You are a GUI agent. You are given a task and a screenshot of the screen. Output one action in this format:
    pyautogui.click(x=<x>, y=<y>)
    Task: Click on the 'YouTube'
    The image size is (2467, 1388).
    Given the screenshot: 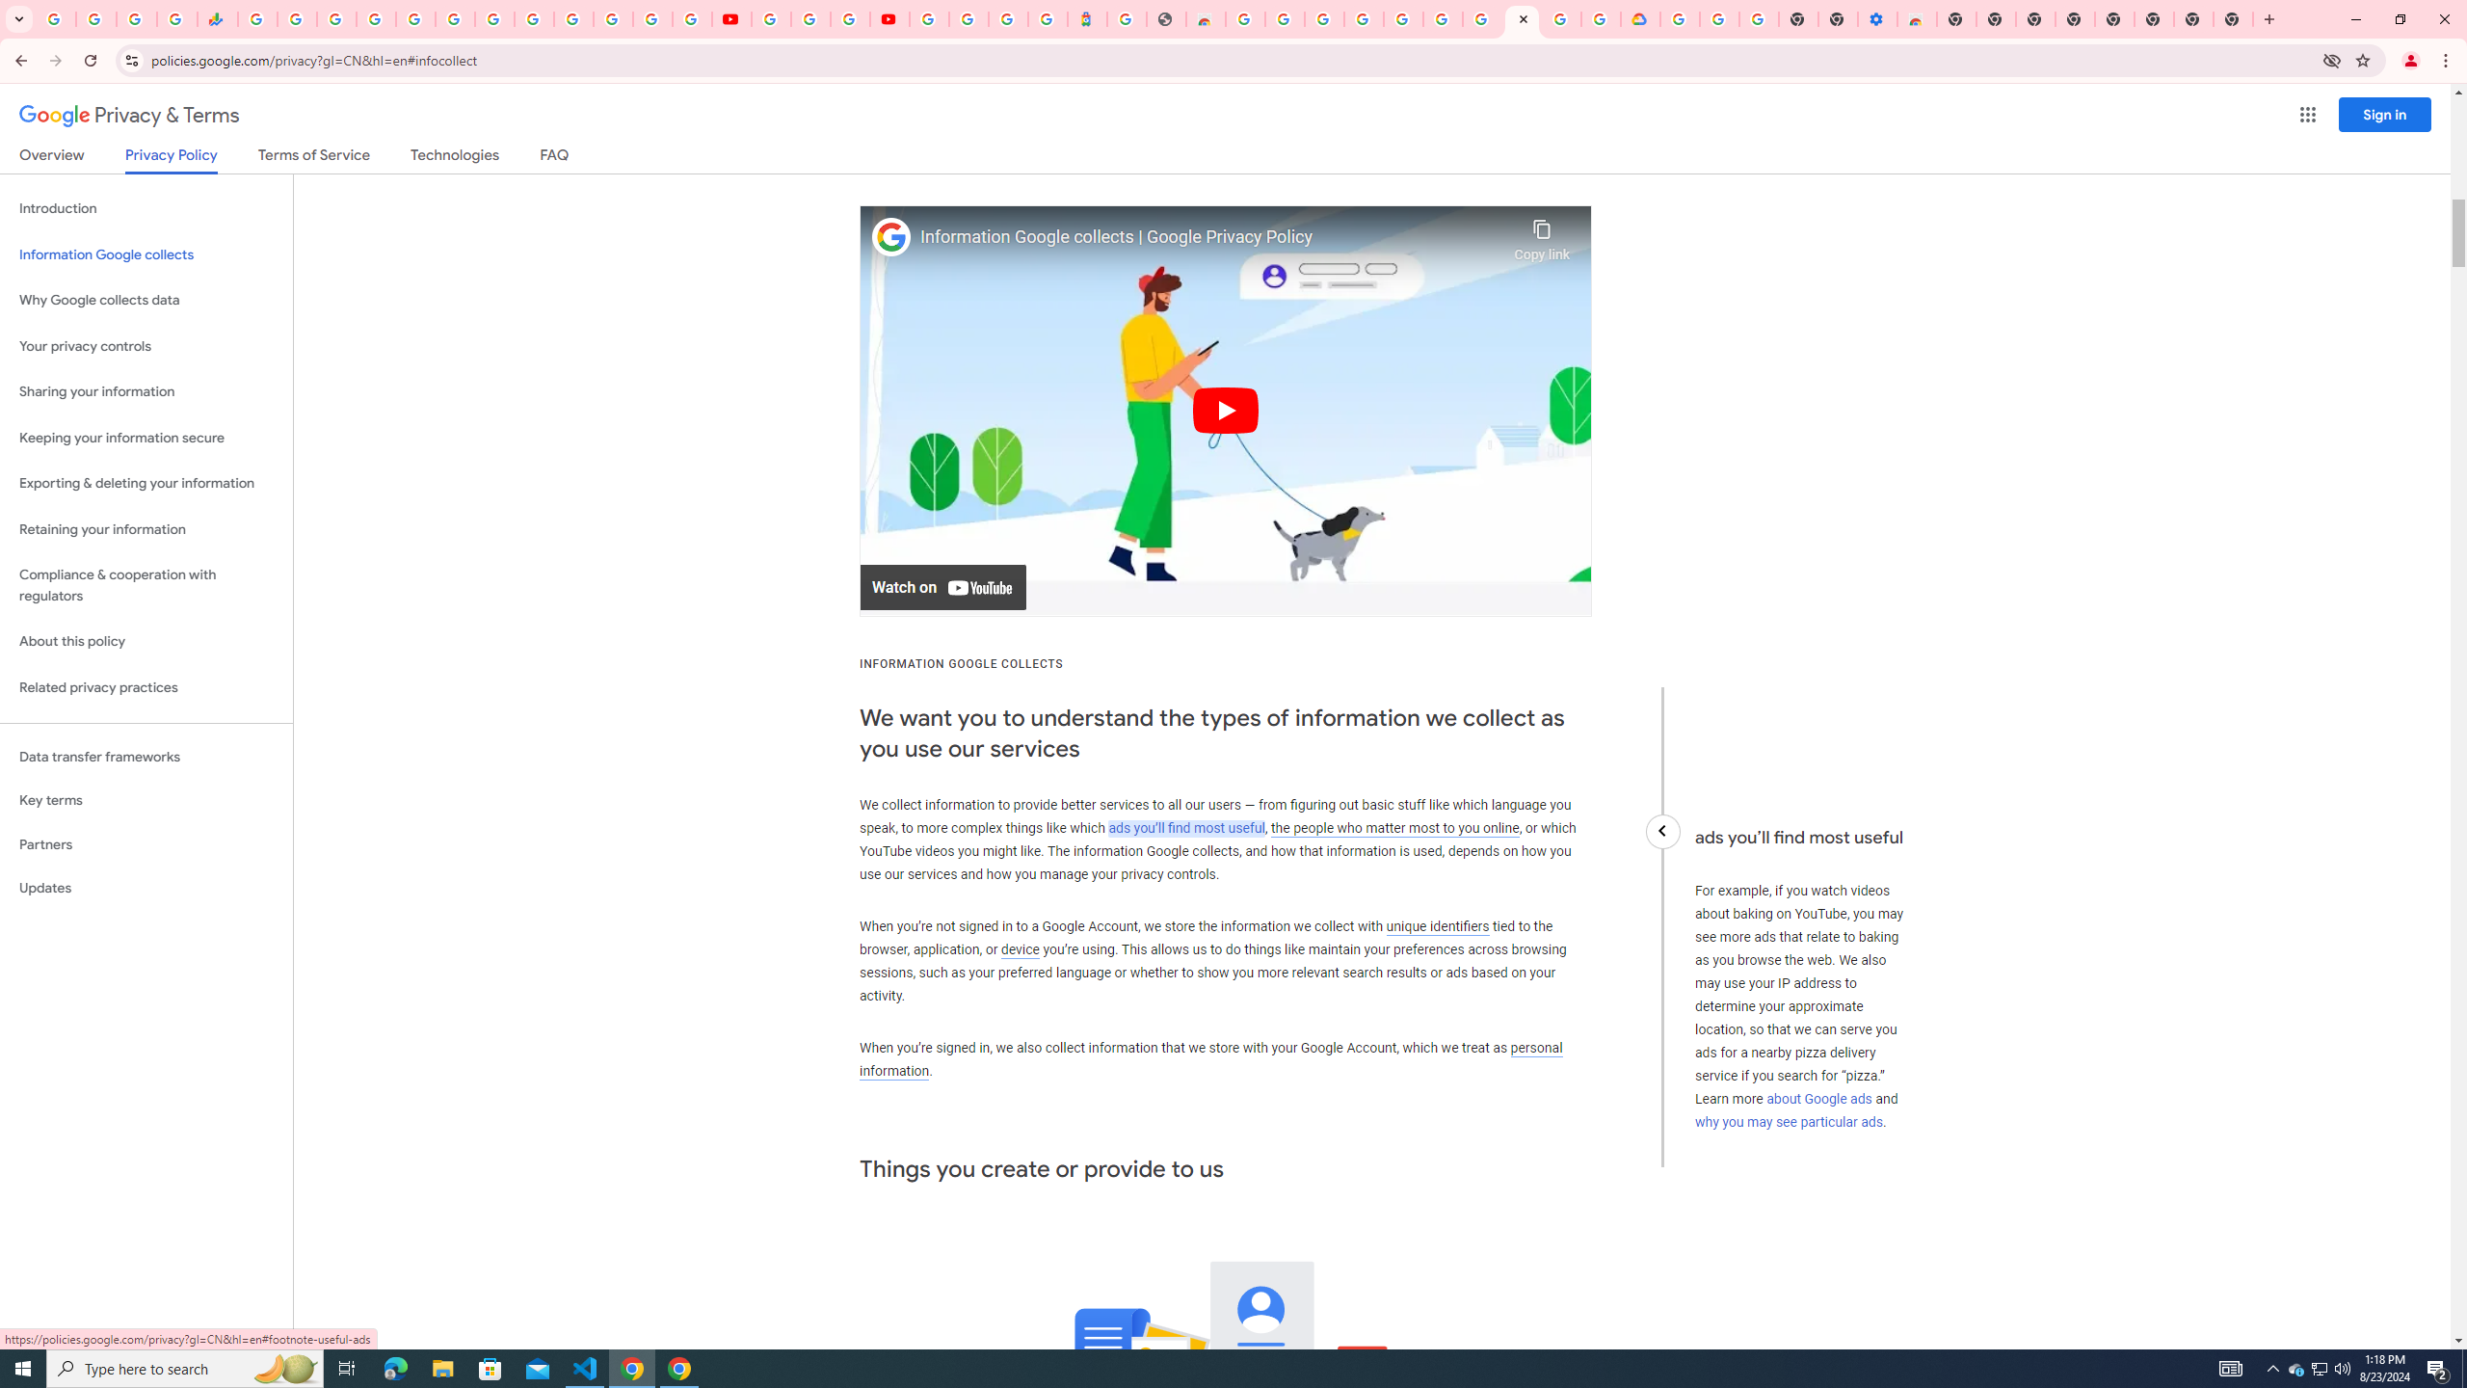 What is the action you would take?
    pyautogui.click(x=770, y=18)
    